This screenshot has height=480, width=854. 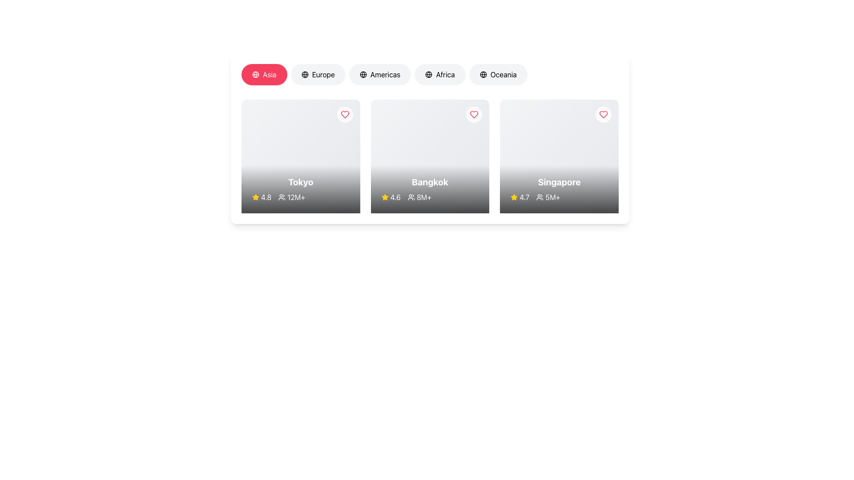 I want to click on the yellow star icon that indicates a rating, which is positioned immediately to the left of the text '4.7', so click(x=514, y=196).